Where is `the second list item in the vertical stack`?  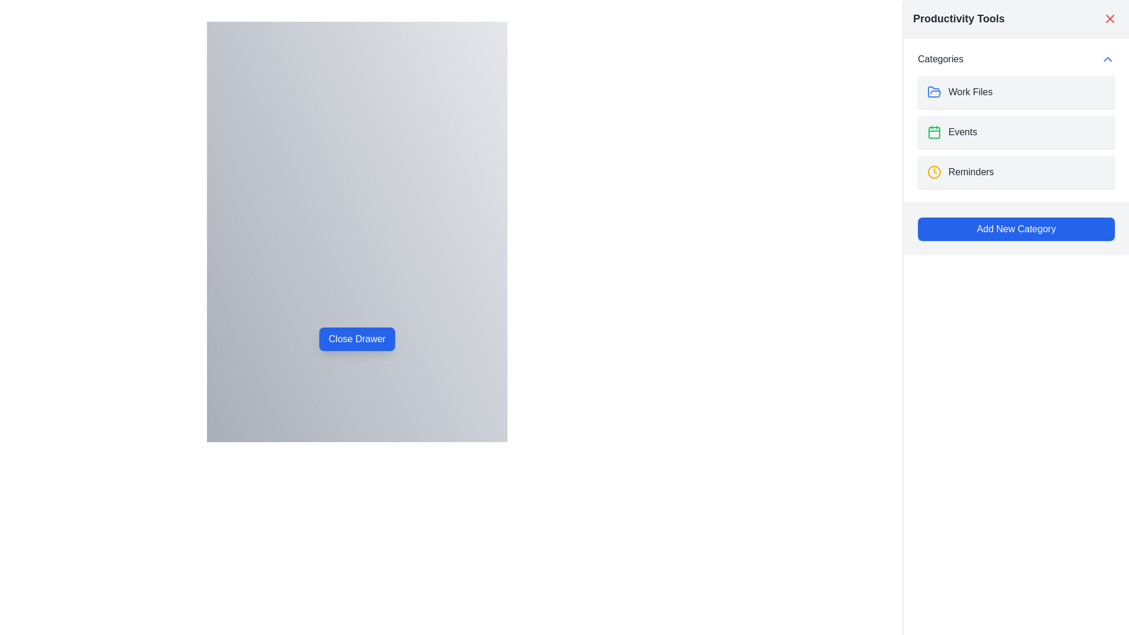 the second list item in the vertical stack is located at coordinates (1016, 132).